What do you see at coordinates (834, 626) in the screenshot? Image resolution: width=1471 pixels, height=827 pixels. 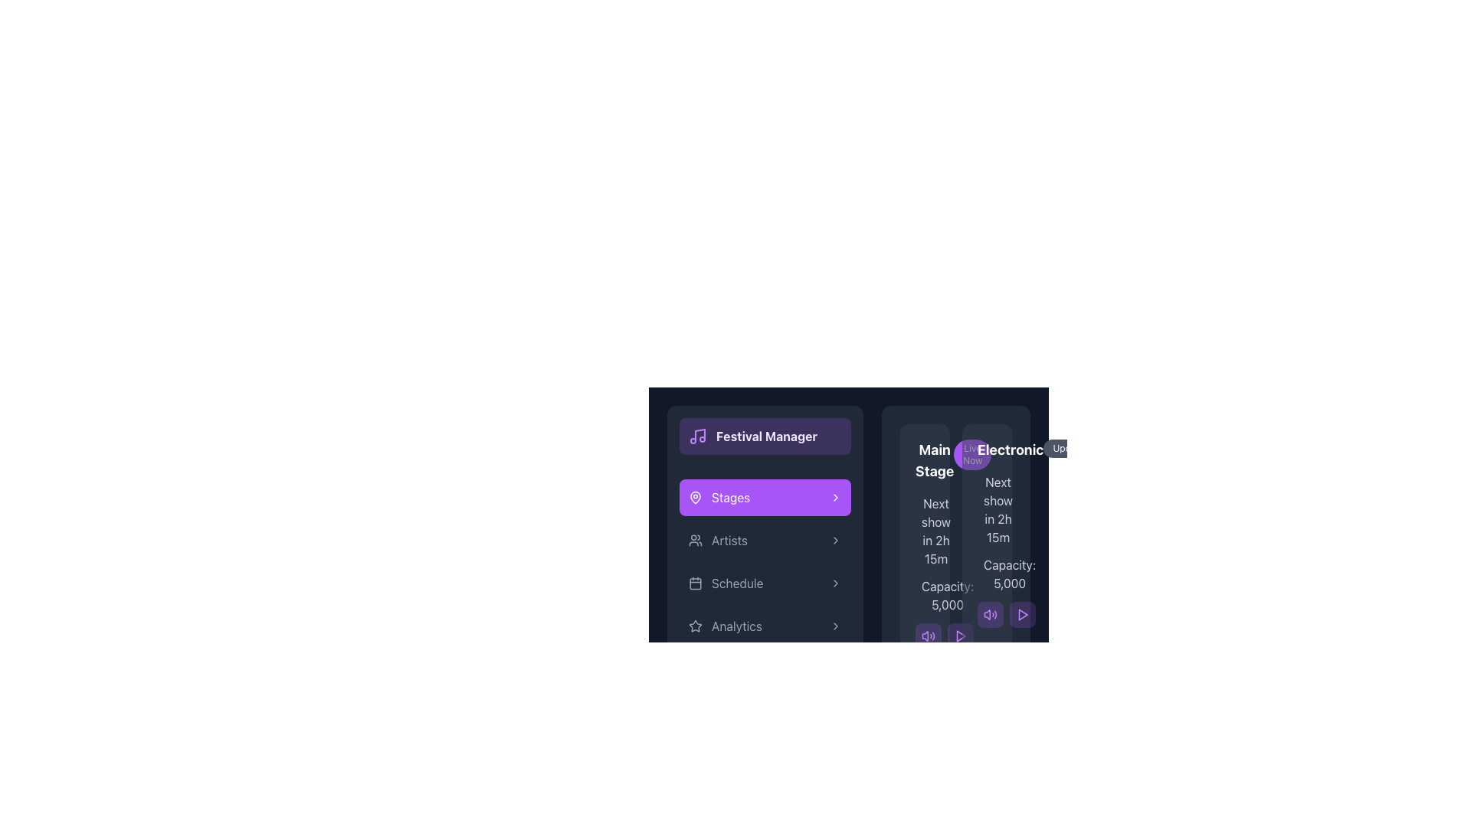 I see `the Chevron Icon located at the rightmost part of the row associated with the 'Analytics' text` at bounding box center [834, 626].